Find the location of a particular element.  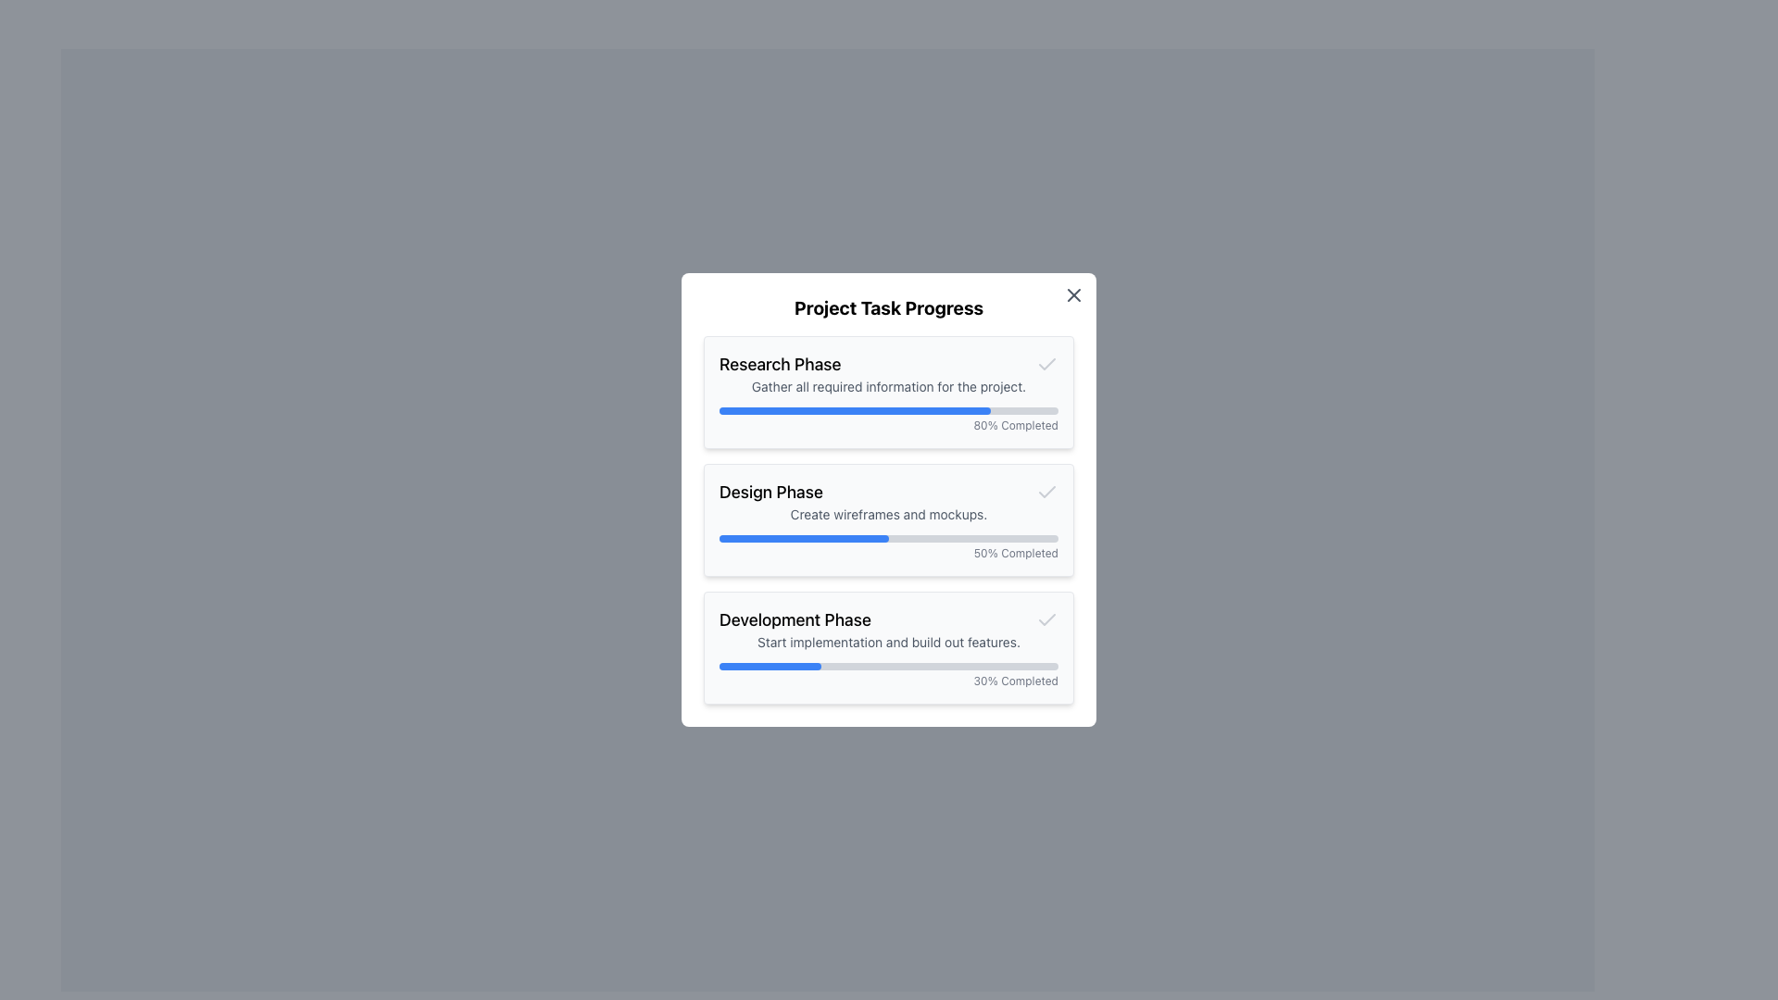

the textual description element that provides context for the 'Development Phase', located in the lower half of the section, centered horizontally, above the progress bar is located at coordinates (889, 642).